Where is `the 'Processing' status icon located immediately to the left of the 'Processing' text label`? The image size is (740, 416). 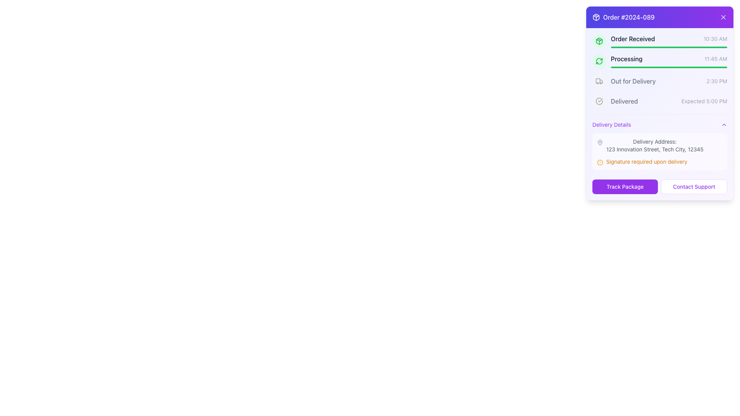
the 'Processing' status icon located immediately to the left of the 'Processing' text label is located at coordinates (599, 60).